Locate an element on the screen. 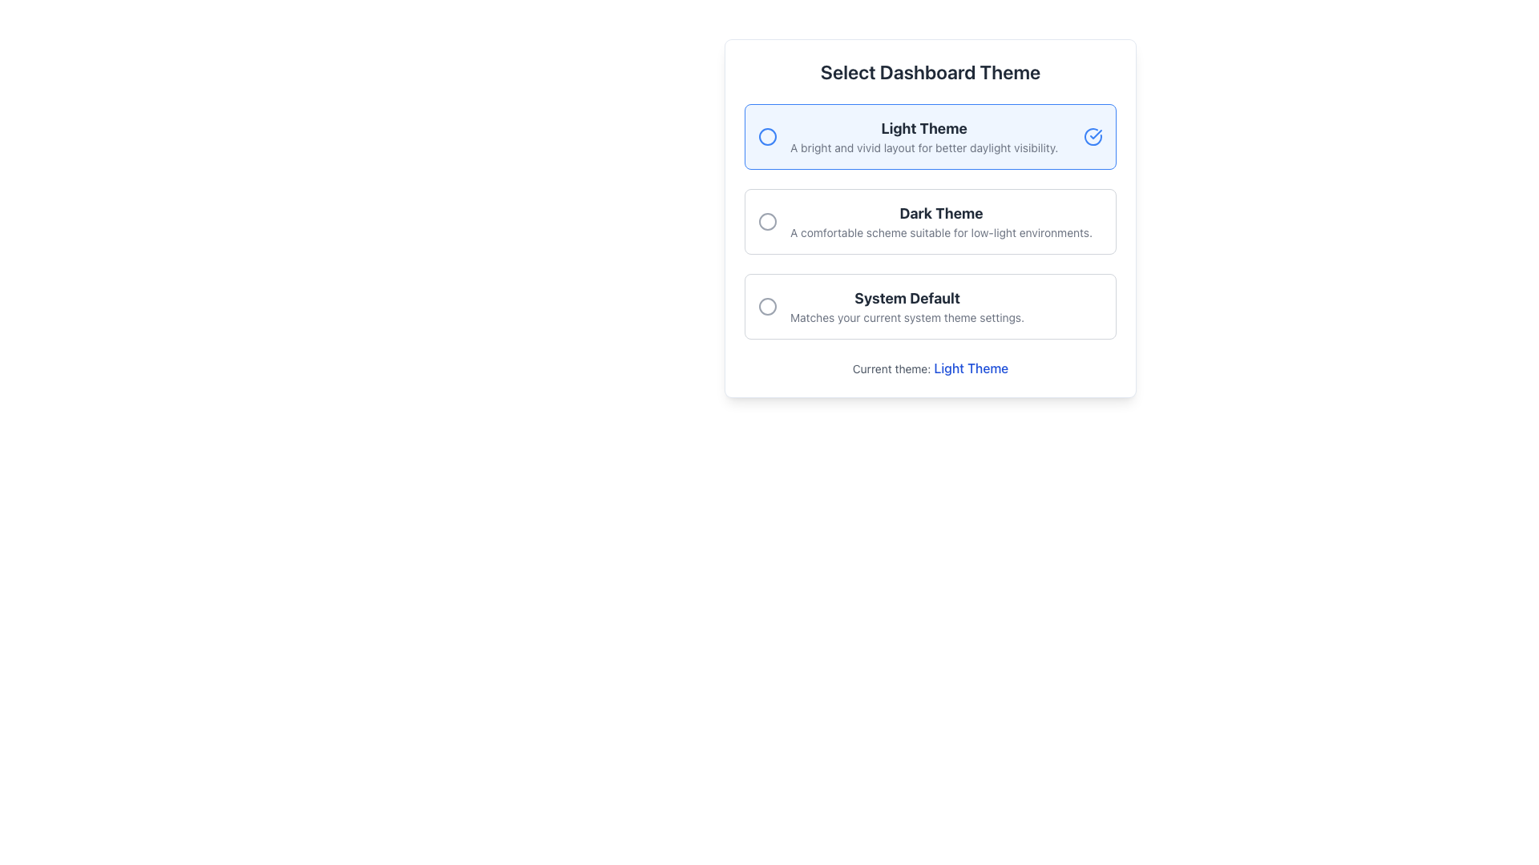 The image size is (1539, 865). the blue circular icon located to the left of the 'Light Theme' text, which is highlighted with a bright blue color is located at coordinates (767, 135).